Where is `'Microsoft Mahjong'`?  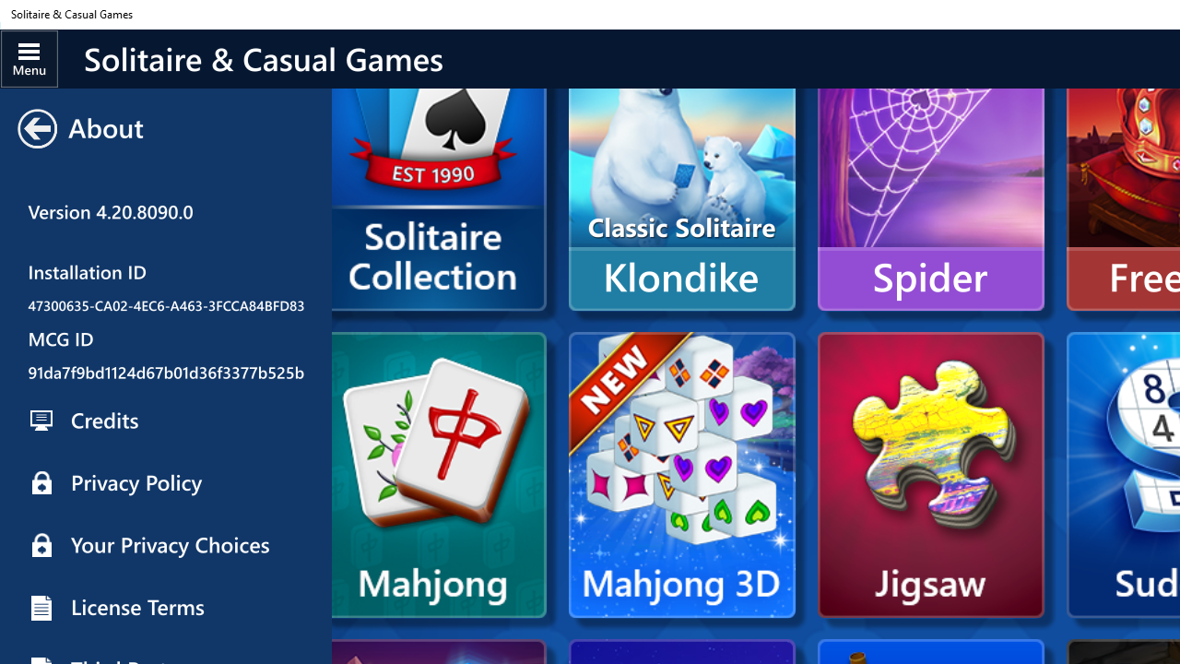 'Microsoft Mahjong' is located at coordinates (438, 474).